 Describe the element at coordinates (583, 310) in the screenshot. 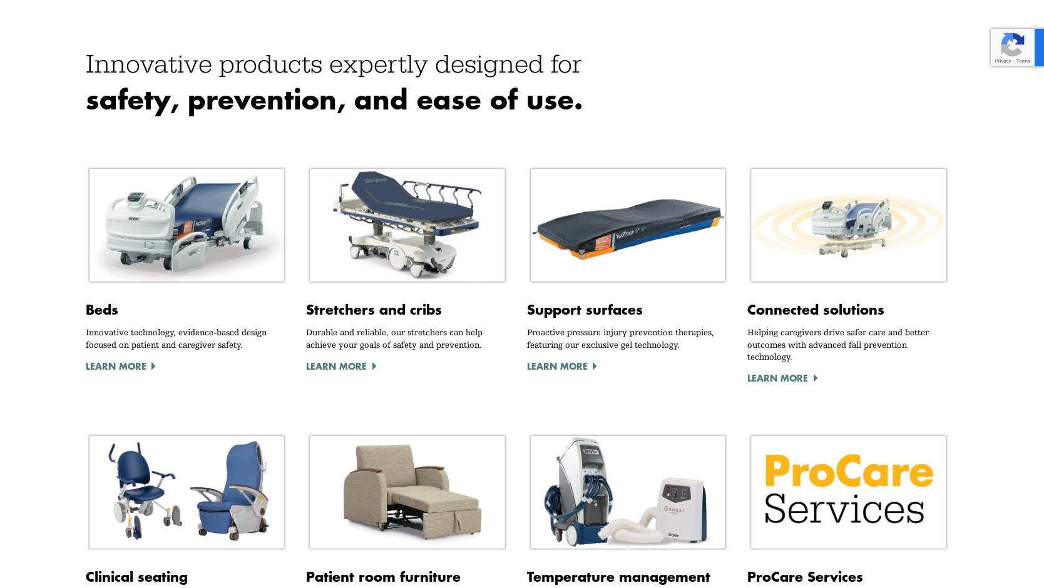

I see `'Support surfaces'` at that location.